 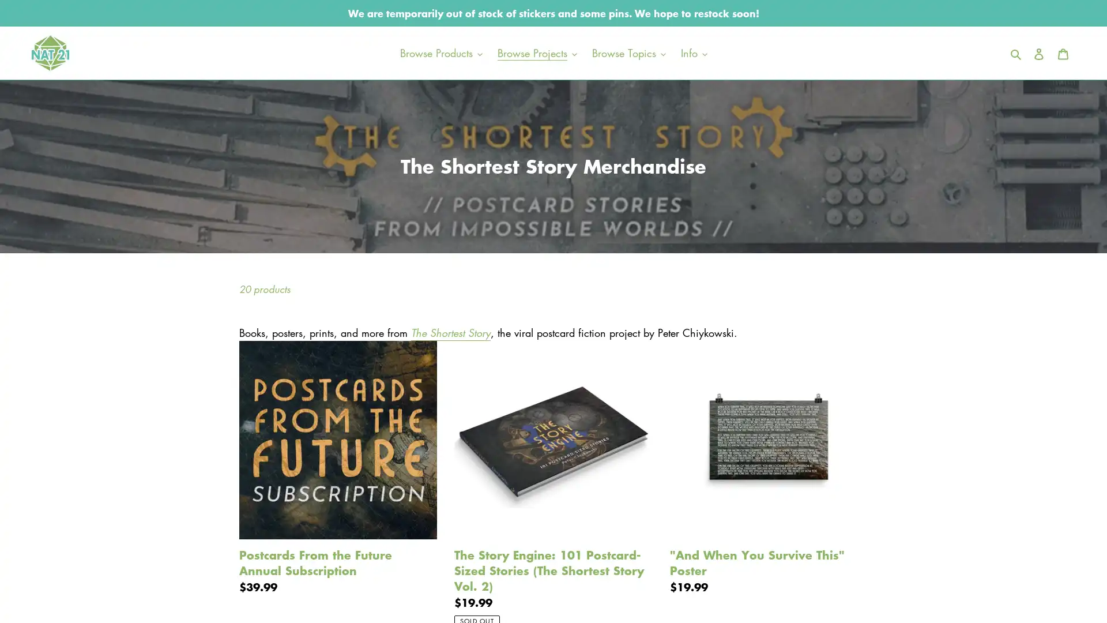 I want to click on Browse Topics, so click(x=627, y=52).